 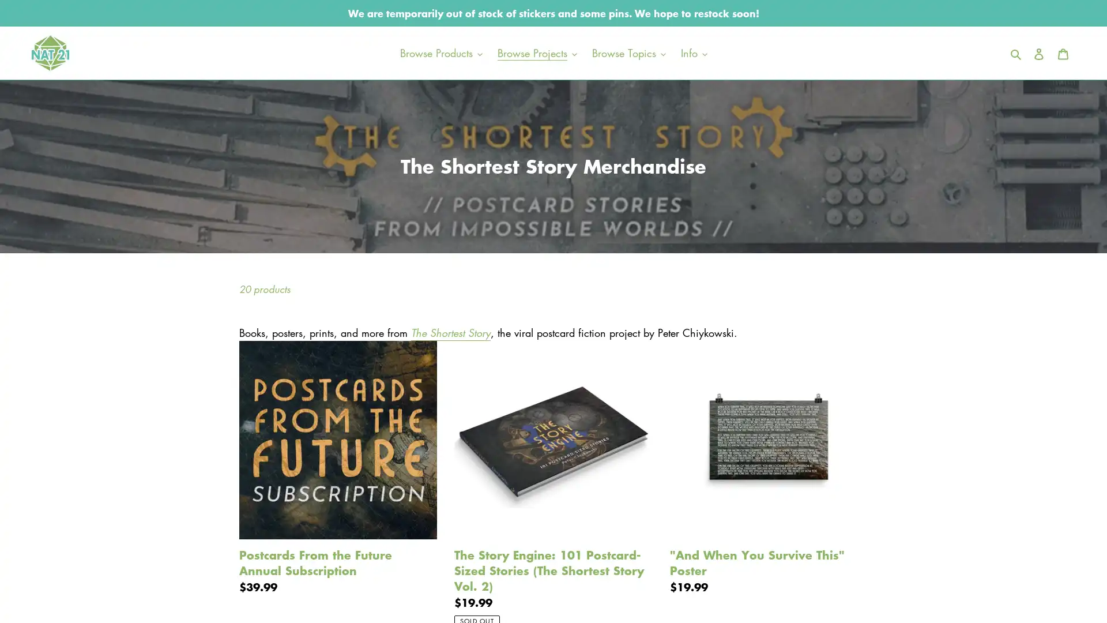 I want to click on Browse Topics, so click(x=627, y=52).